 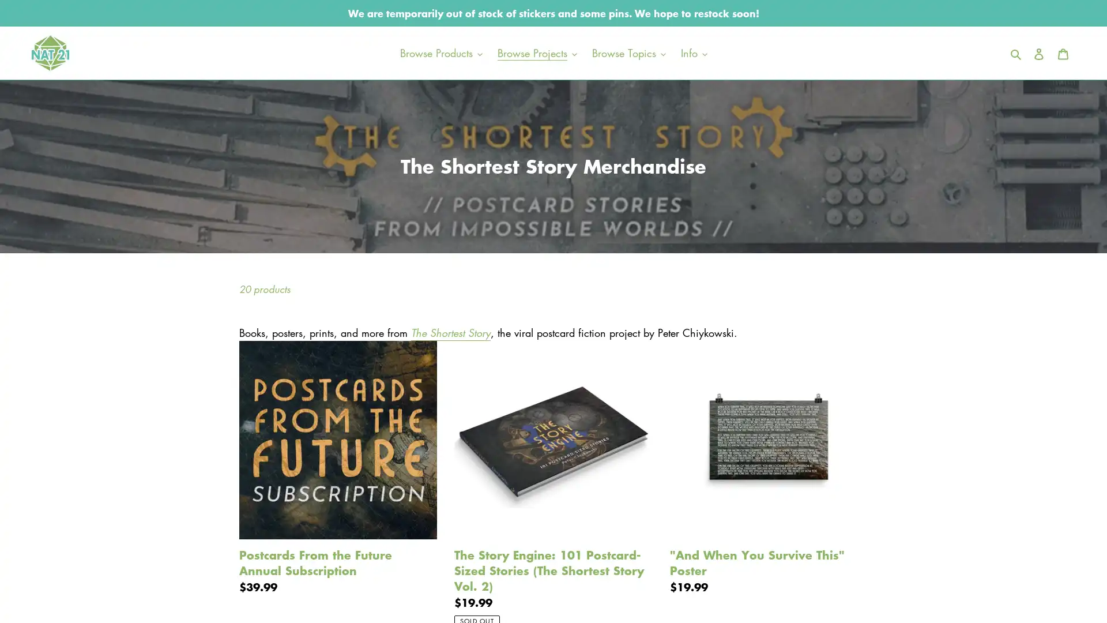 I want to click on Browse Topics, so click(x=627, y=52).